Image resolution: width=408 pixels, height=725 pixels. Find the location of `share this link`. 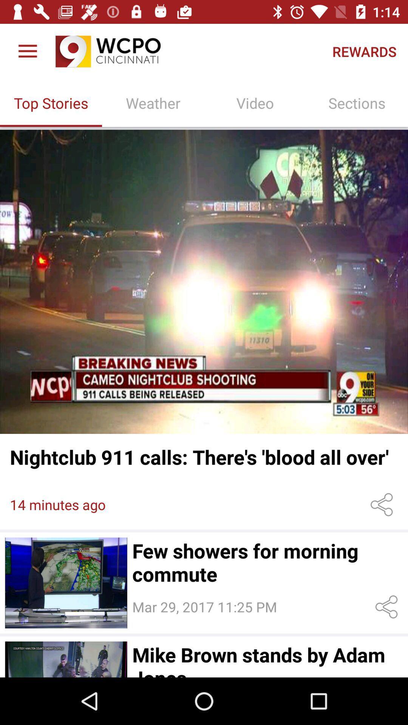

share this link is located at coordinates (383, 504).